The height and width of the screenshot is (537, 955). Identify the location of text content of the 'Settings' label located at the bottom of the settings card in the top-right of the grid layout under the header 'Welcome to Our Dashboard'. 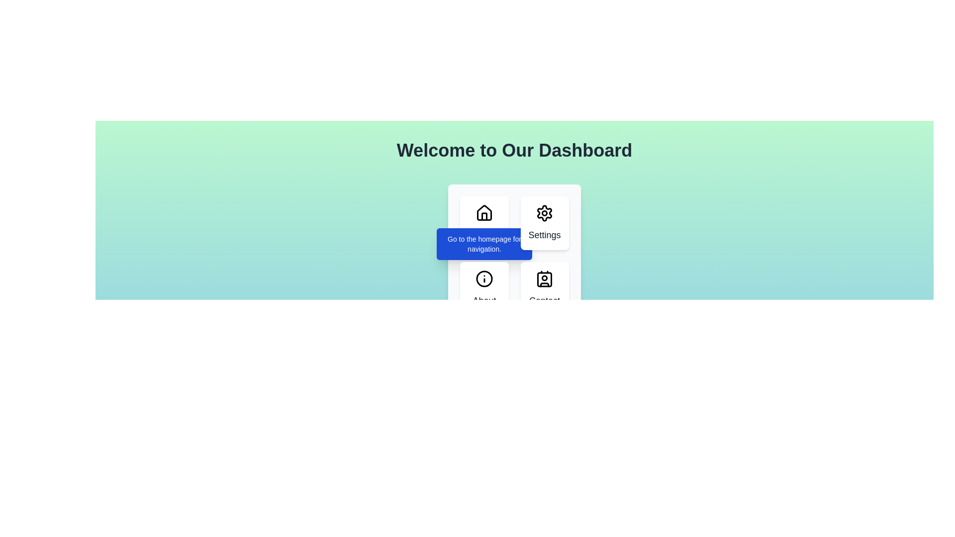
(544, 235).